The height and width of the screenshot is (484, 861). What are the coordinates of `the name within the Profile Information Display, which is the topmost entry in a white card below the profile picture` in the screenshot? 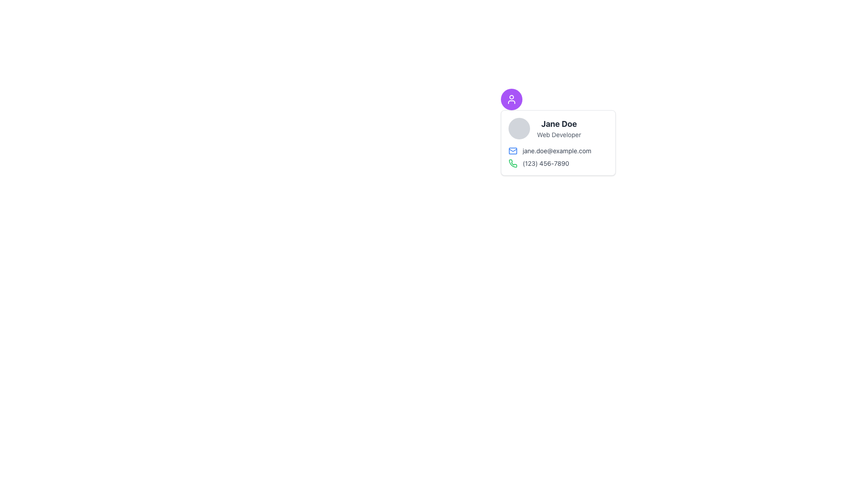 It's located at (557, 128).